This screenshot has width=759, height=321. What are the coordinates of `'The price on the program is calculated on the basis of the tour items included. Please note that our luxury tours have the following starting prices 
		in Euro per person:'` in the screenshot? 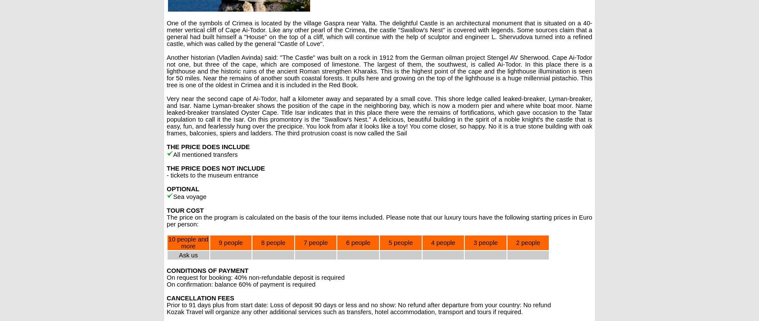 It's located at (379, 221).